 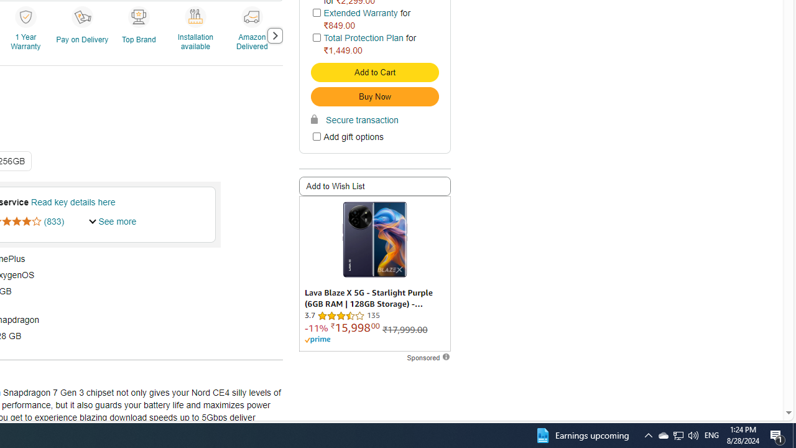 I want to click on 'Pay on Delivery', so click(x=83, y=34).